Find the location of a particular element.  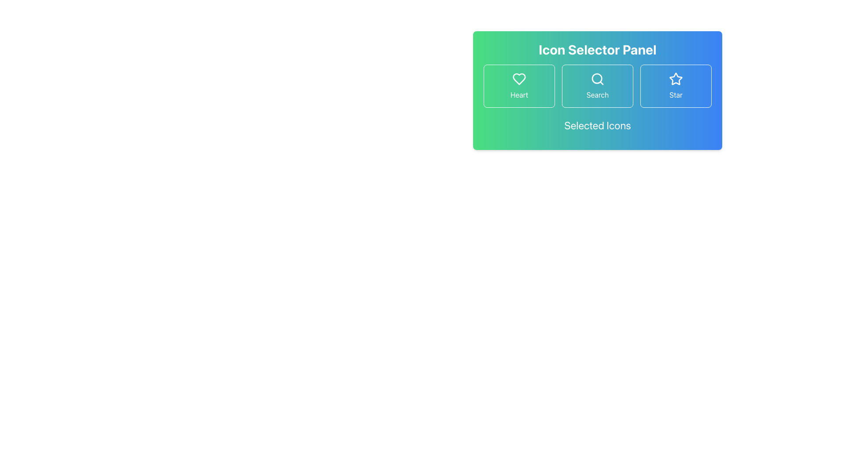

the heading text 'Selected Icons' which is styled with a large font size and located centrally within the 'Icon Selector Panel' beneath the Search icon is located at coordinates (598, 125).